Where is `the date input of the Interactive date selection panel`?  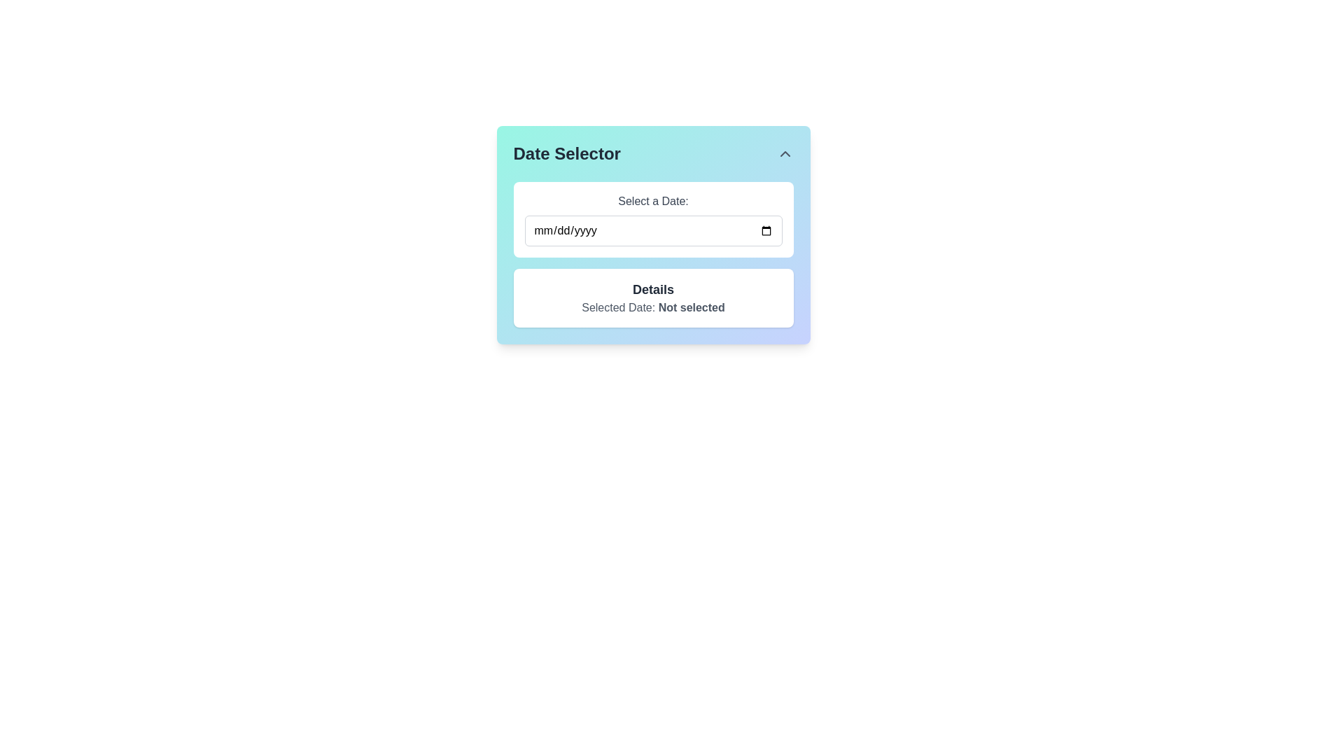
the date input of the Interactive date selection panel is located at coordinates (652, 234).